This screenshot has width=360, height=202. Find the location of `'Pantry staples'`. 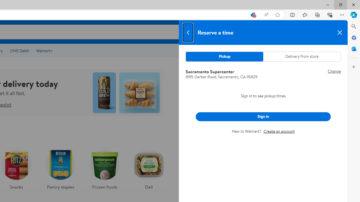

'Pantry staples' is located at coordinates (60, 168).